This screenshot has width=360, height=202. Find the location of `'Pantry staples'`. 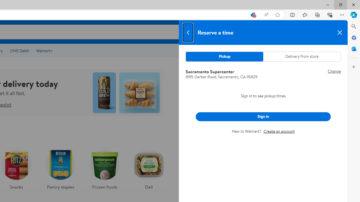

'Pantry staples' is located at coordinates (60, 168).